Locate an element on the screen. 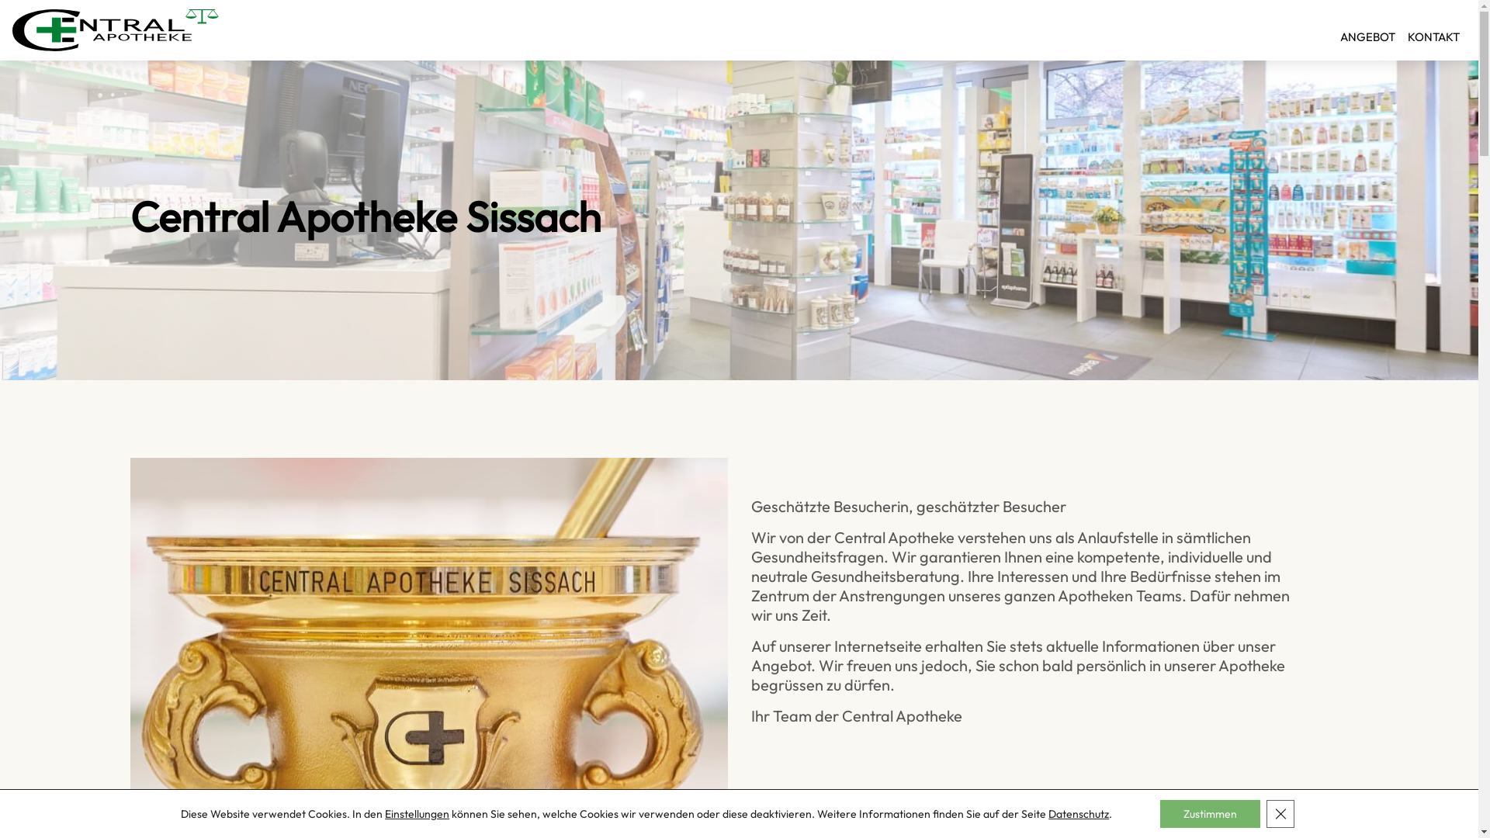 The height and width of the screenshot is (838, 1490). 'Einstellungen' is located at coordinates (417, 813).